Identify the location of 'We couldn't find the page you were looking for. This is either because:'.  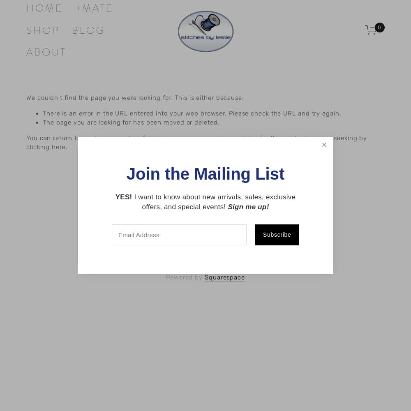
(134, 97).